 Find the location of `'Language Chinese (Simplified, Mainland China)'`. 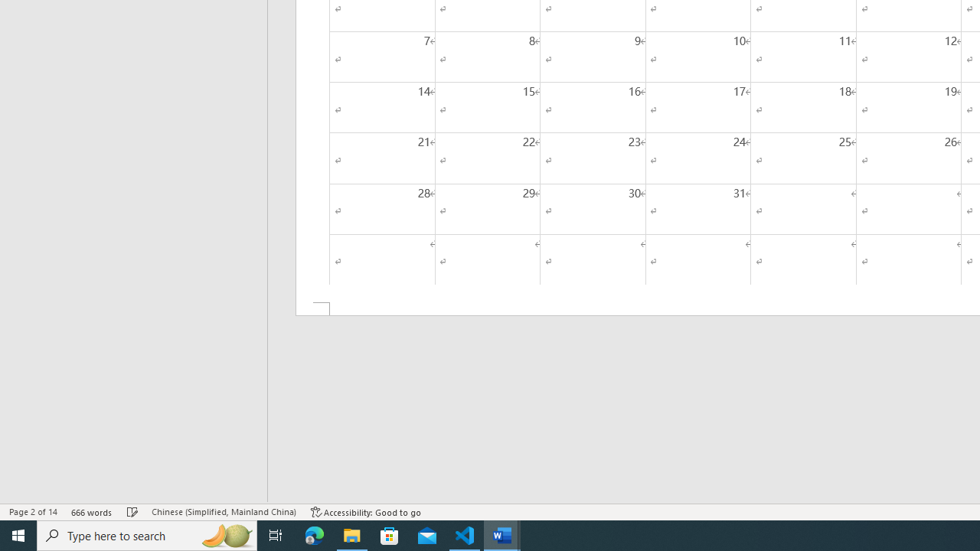

'Language Chinese (Simplified, Mainland China)' is located at coordinates (223, 512).